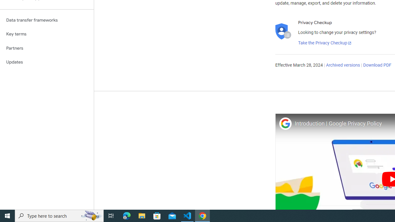  What do you see at coordinates (47, 20) in the screenshot?
I see `'Data transfer frameworks'` at bounding box center [47, 20].